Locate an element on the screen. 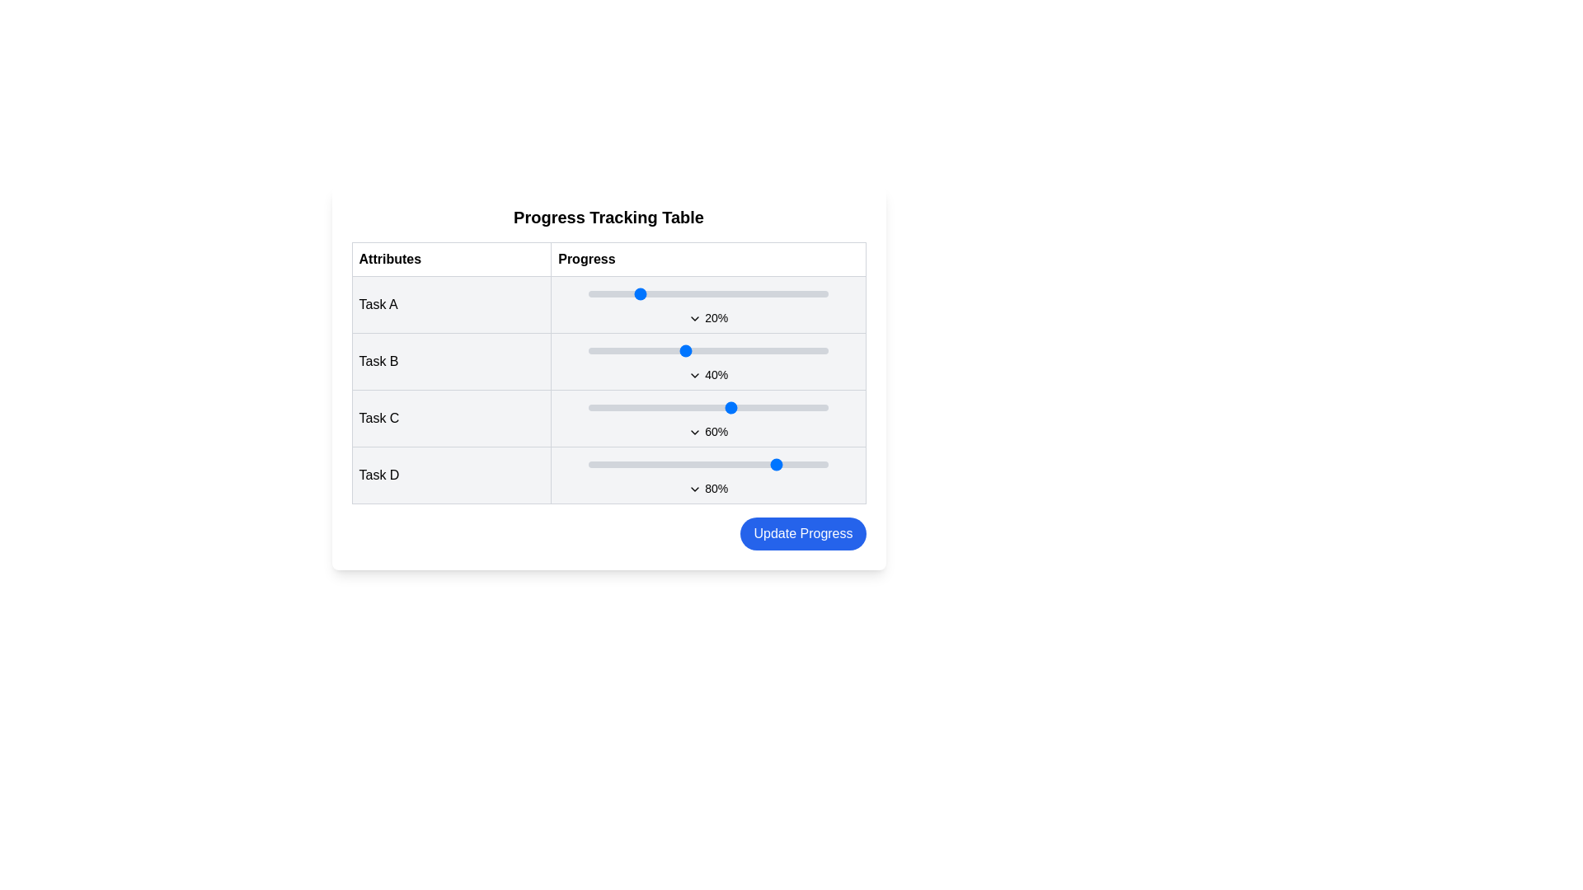 The height and width of the screenshot is (890, 1583). the Task D progress value is located at coordinates (726, 464).